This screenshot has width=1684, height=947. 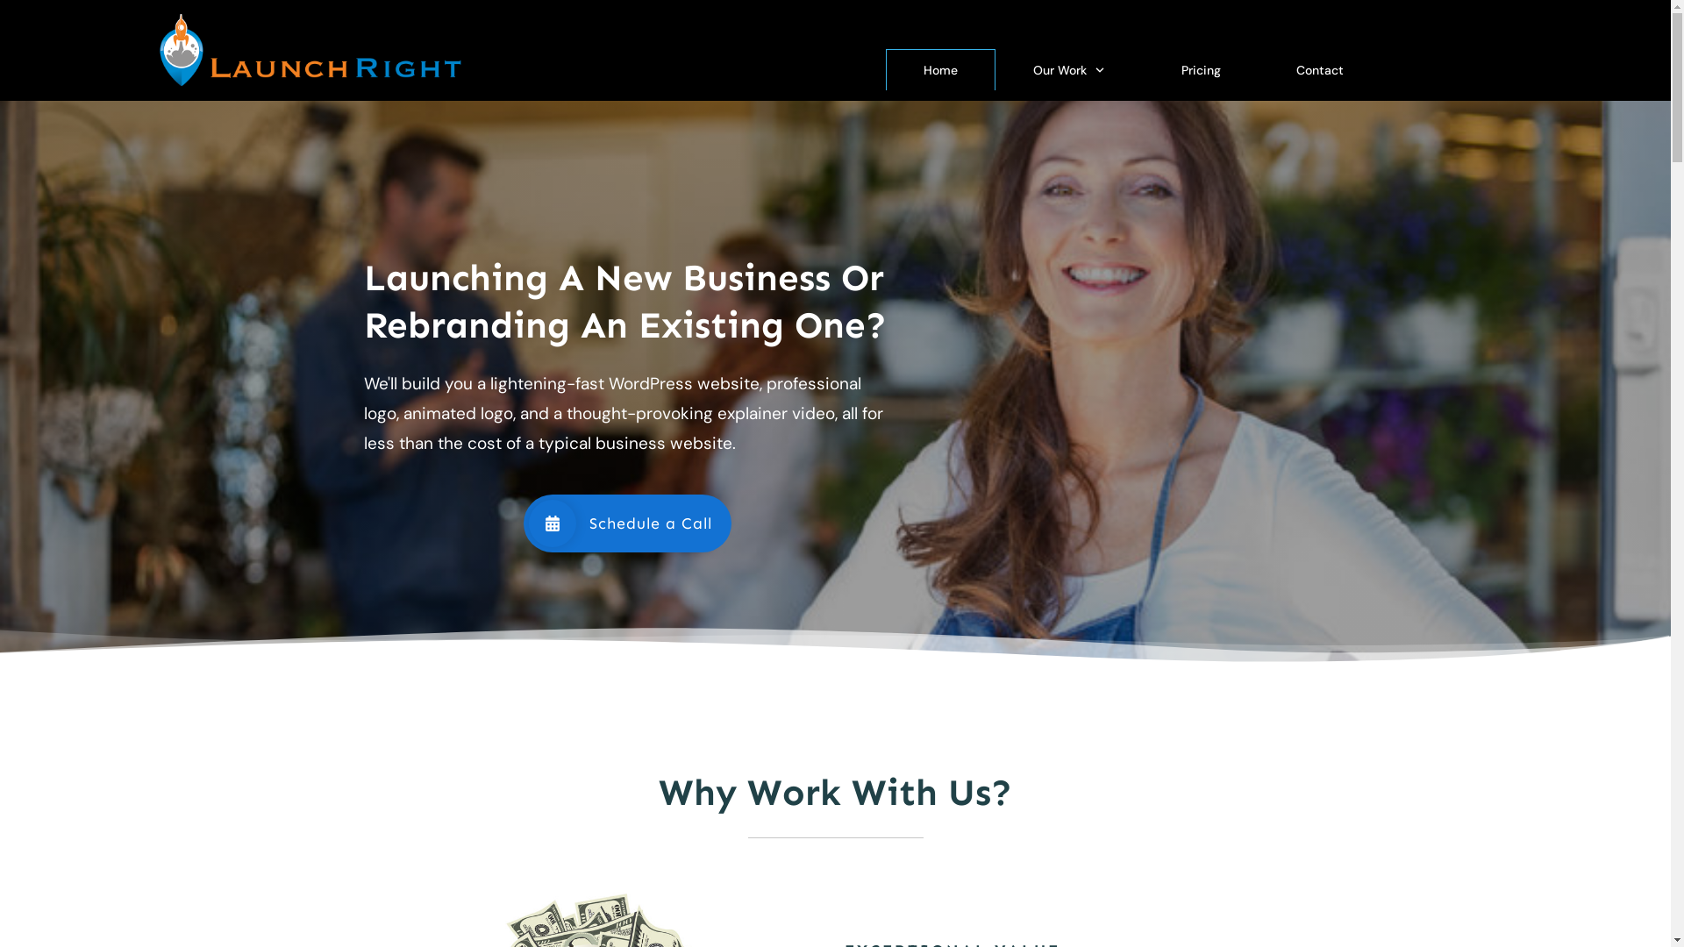 What do you see at coordinates (1200, 69) in the screenshot?
I see `'Pricing'` at bounding box center [1200, 69].